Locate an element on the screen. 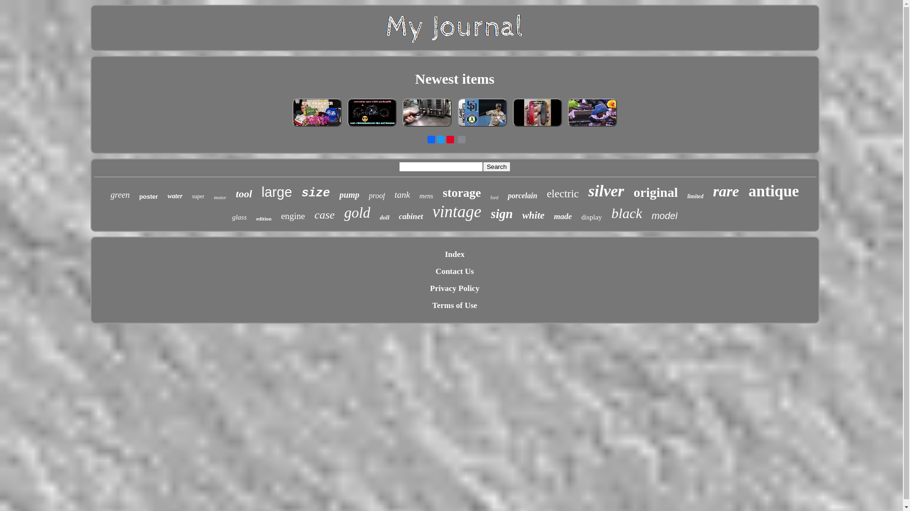 The image size is (910, 511). 'Twitter' is located at coordinates (440, 139).